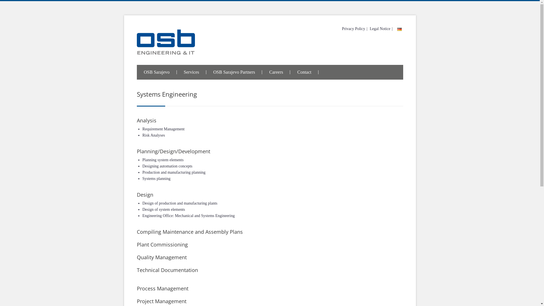  I want to click on 'Careers', so click(276, 72).